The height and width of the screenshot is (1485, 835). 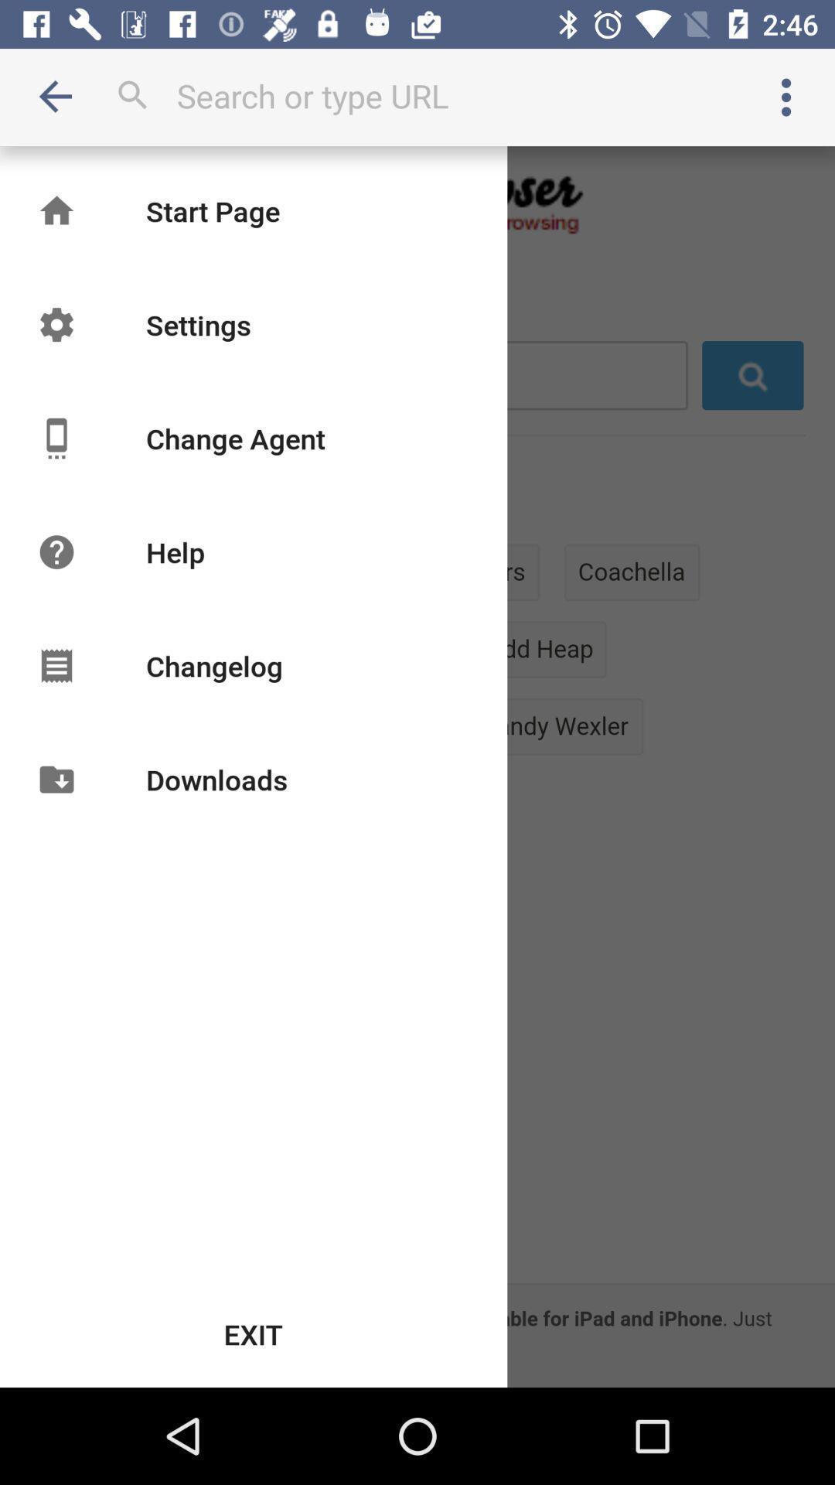 I want to click on change agent, so click(x=235, y=437).